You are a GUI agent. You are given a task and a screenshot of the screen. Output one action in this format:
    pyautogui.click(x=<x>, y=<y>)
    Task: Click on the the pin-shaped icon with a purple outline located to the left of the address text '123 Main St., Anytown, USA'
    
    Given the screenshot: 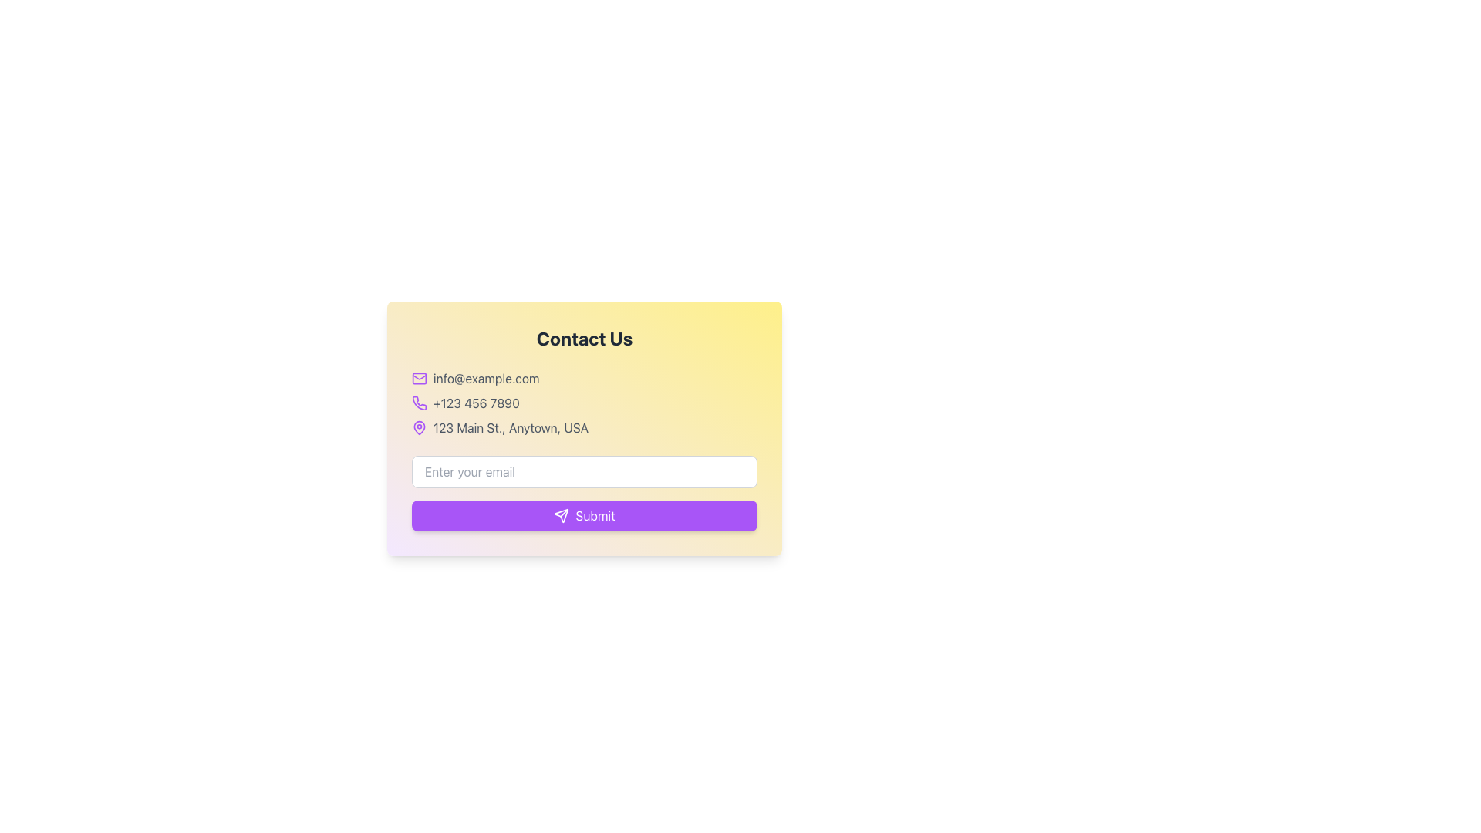 What is the action you would take?
    pyautogui.click(x=419, y=428)
    